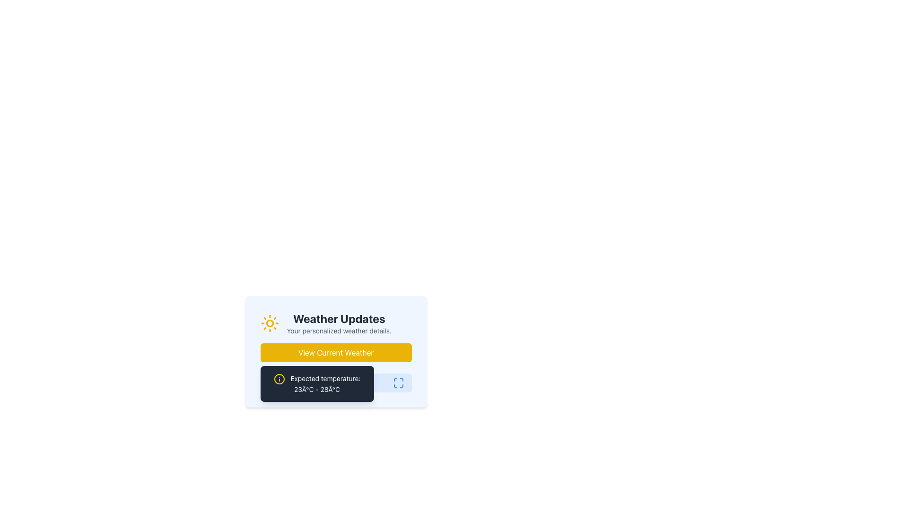  I want to click on the central SVG Circle Component of the sun icon located at the top-left of the 'Weather Updates' label, so click(269, 323).